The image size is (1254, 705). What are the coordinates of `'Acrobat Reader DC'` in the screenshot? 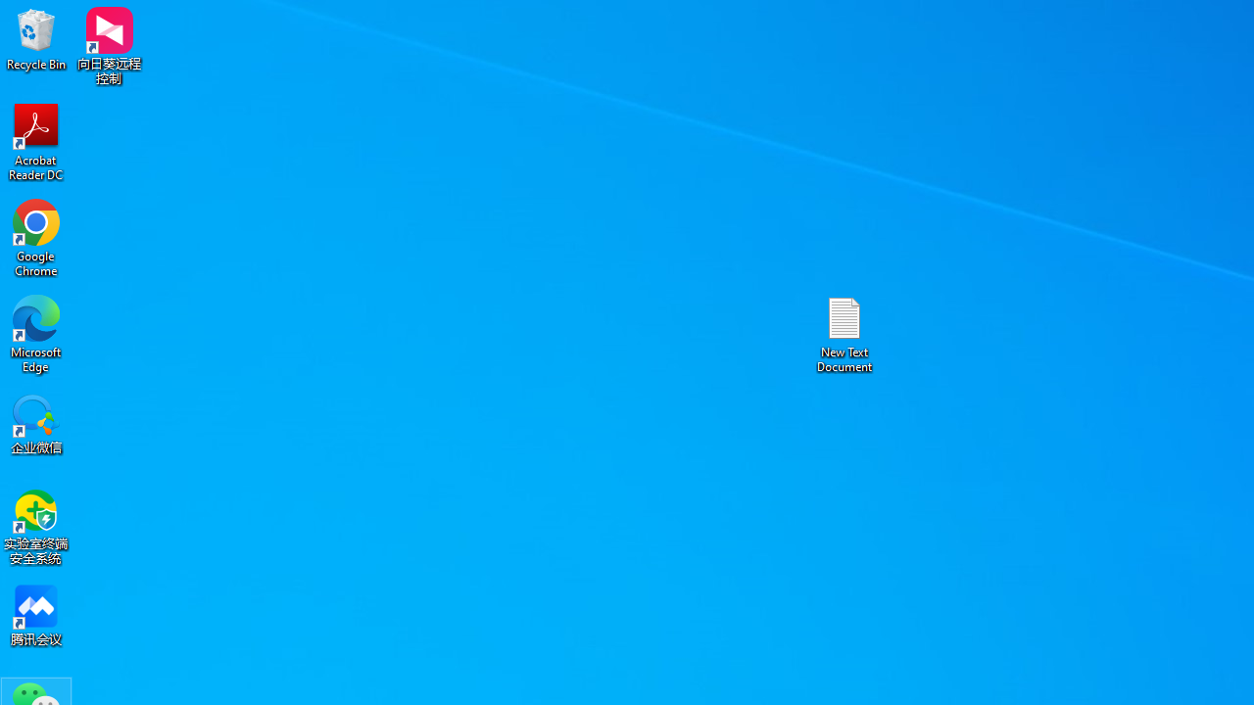 It's located at (36, 141).